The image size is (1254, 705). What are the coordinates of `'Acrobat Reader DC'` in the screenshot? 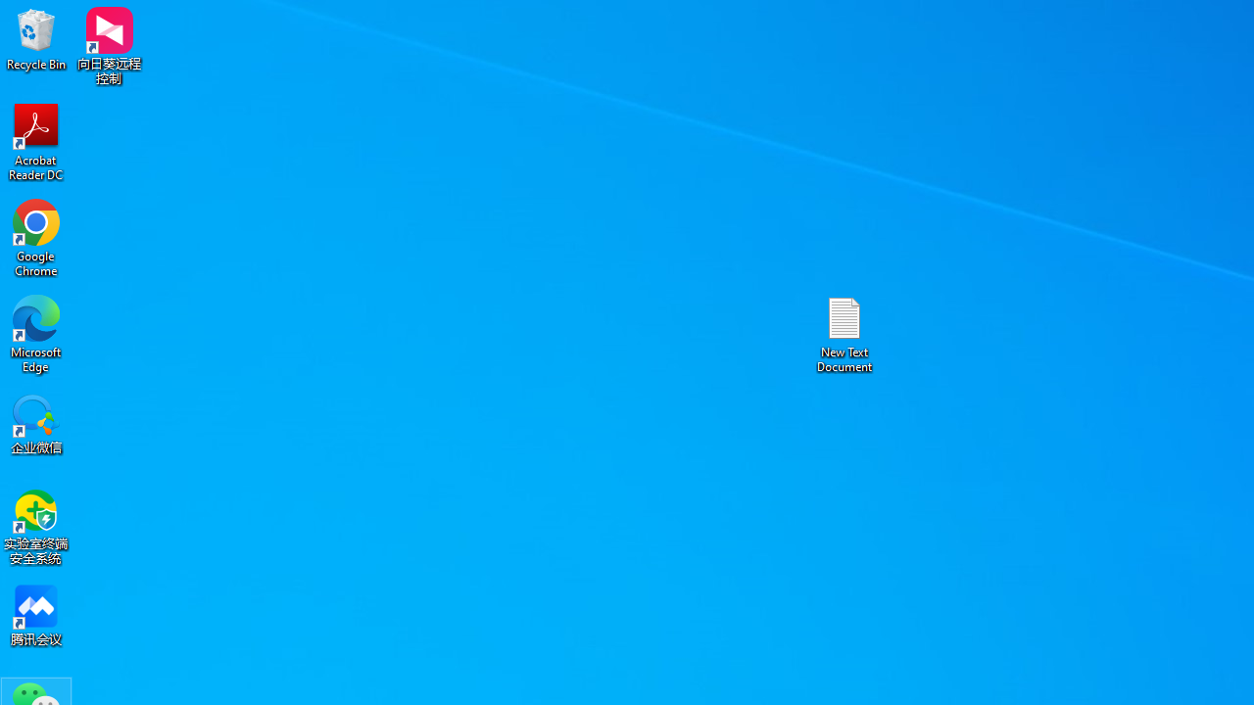 It's located at (36, 141).